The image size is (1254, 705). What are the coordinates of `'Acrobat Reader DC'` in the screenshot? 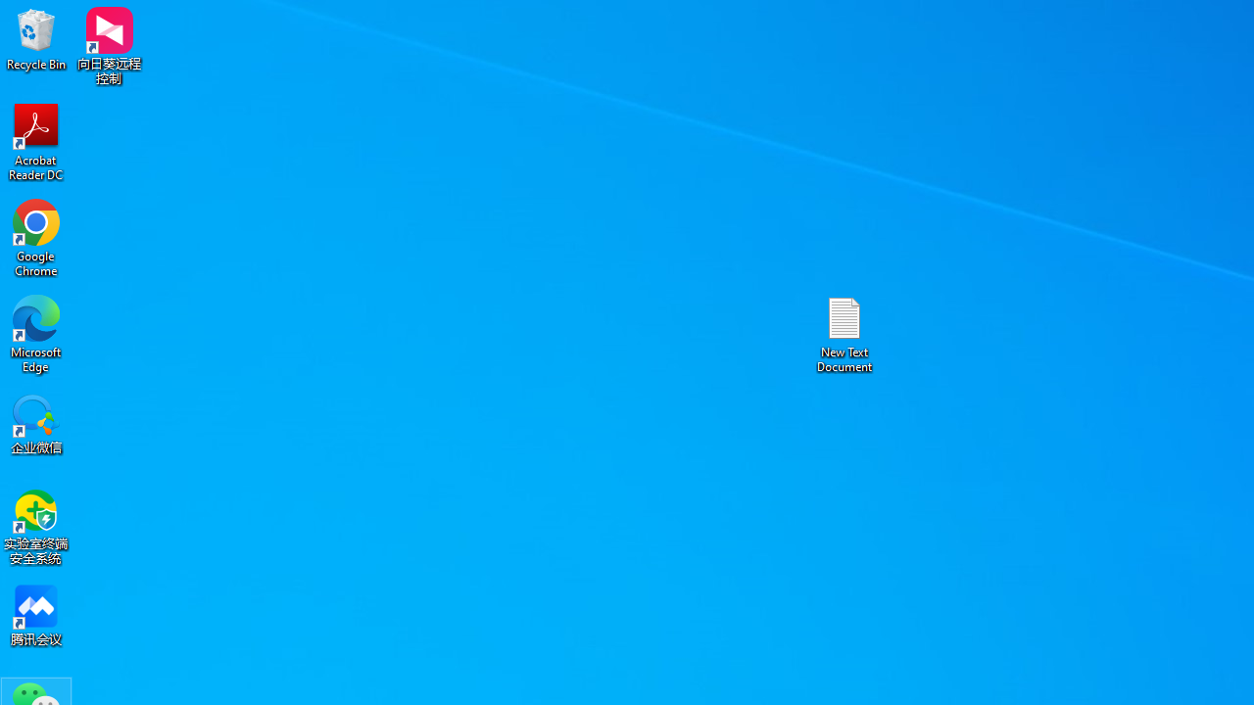 It's located at (36, 141).